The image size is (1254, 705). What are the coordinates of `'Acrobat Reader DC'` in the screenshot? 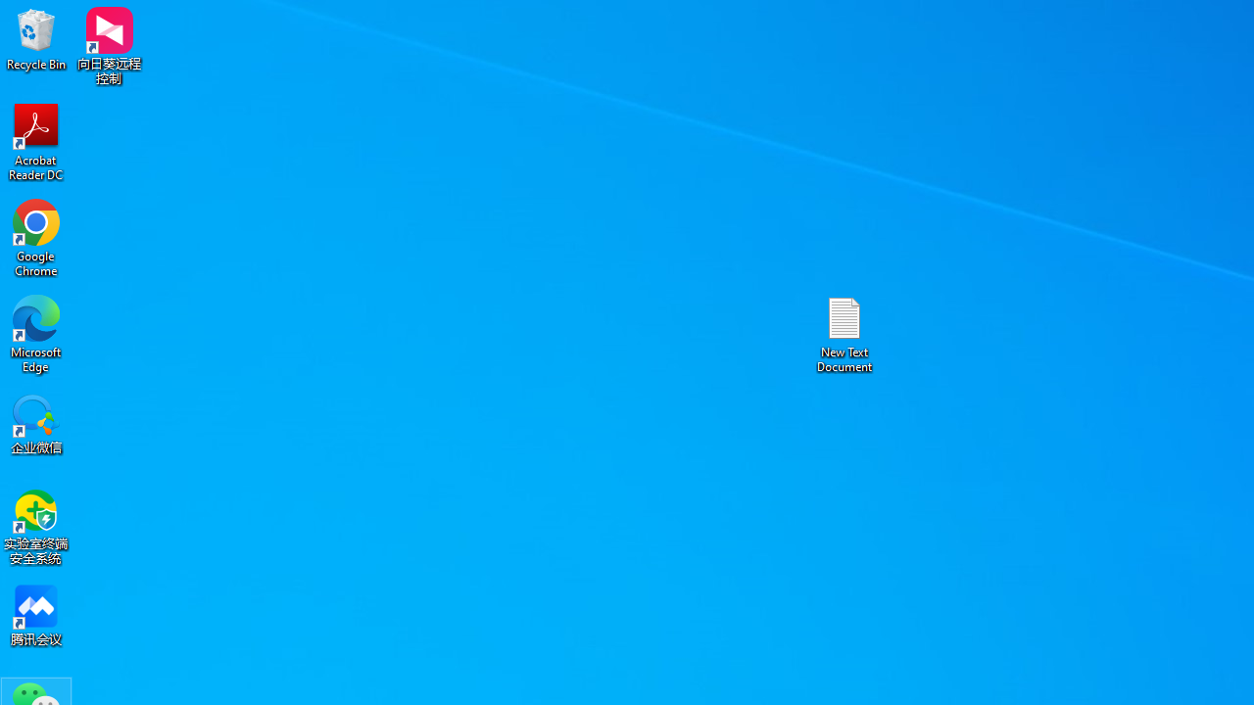 It's located at (36, 141).